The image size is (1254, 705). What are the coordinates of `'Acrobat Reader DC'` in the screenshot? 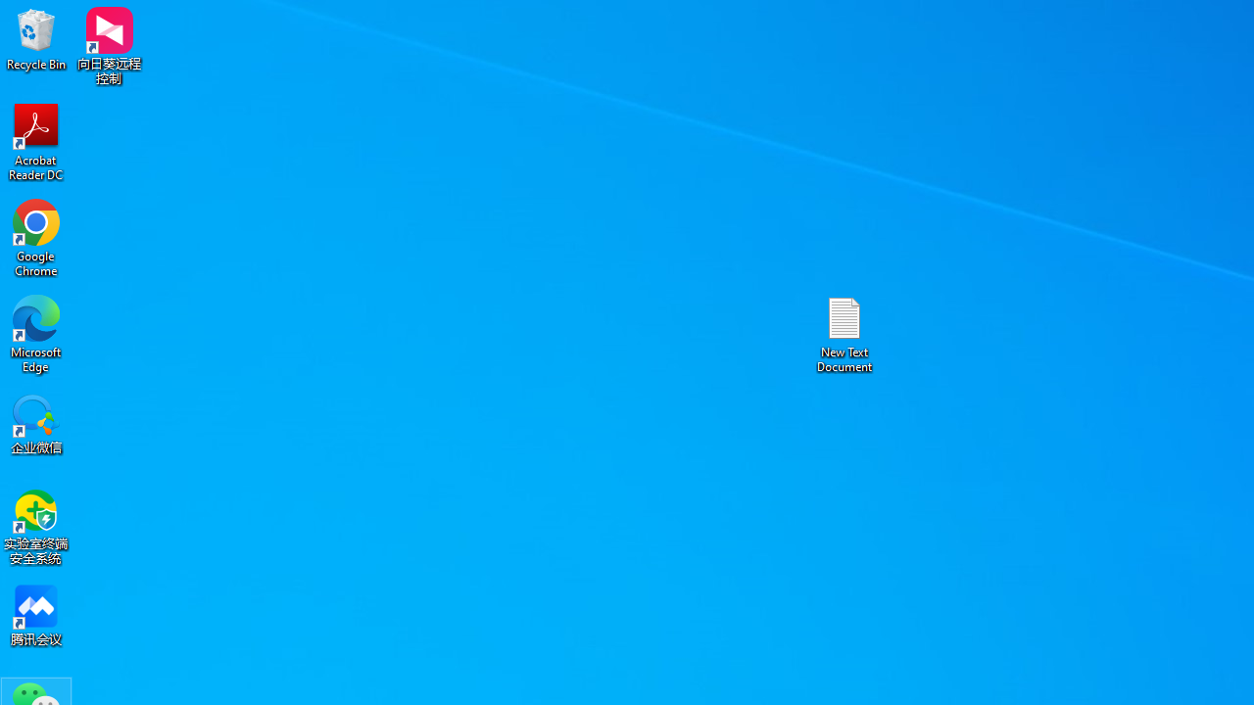 It's located at (36, 141).